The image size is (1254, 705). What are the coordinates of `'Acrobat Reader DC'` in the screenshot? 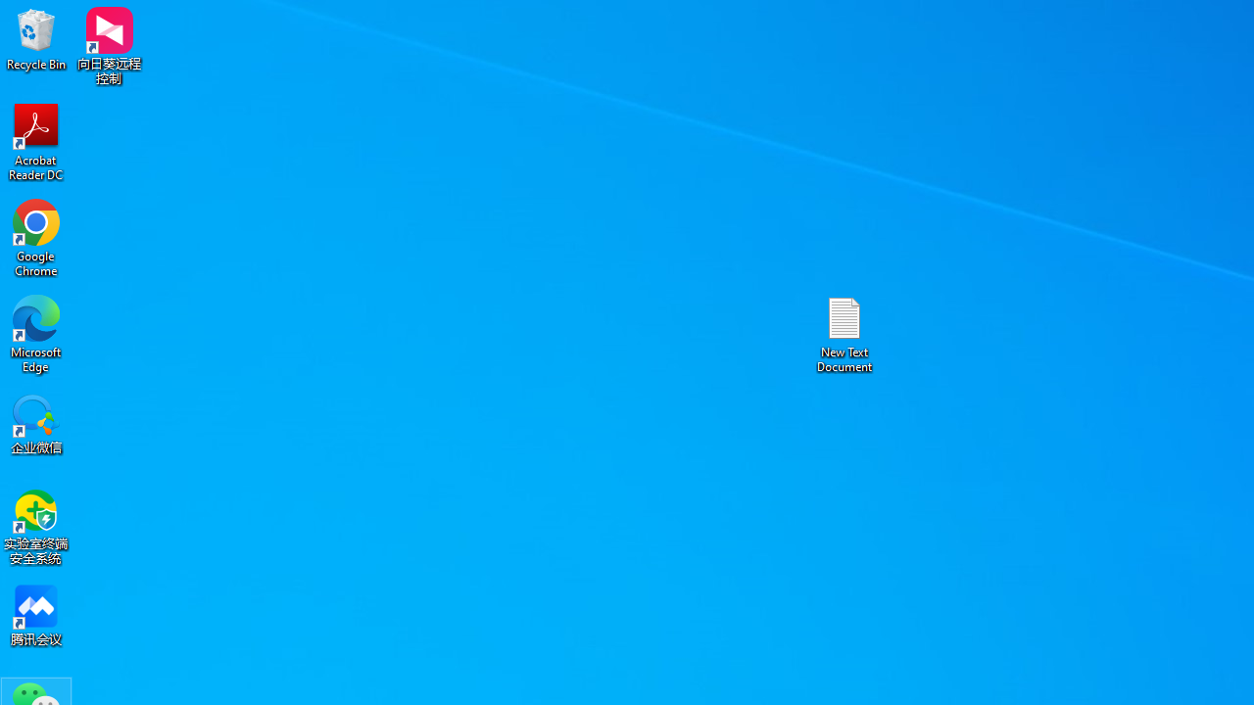 It's located at (36, 141).